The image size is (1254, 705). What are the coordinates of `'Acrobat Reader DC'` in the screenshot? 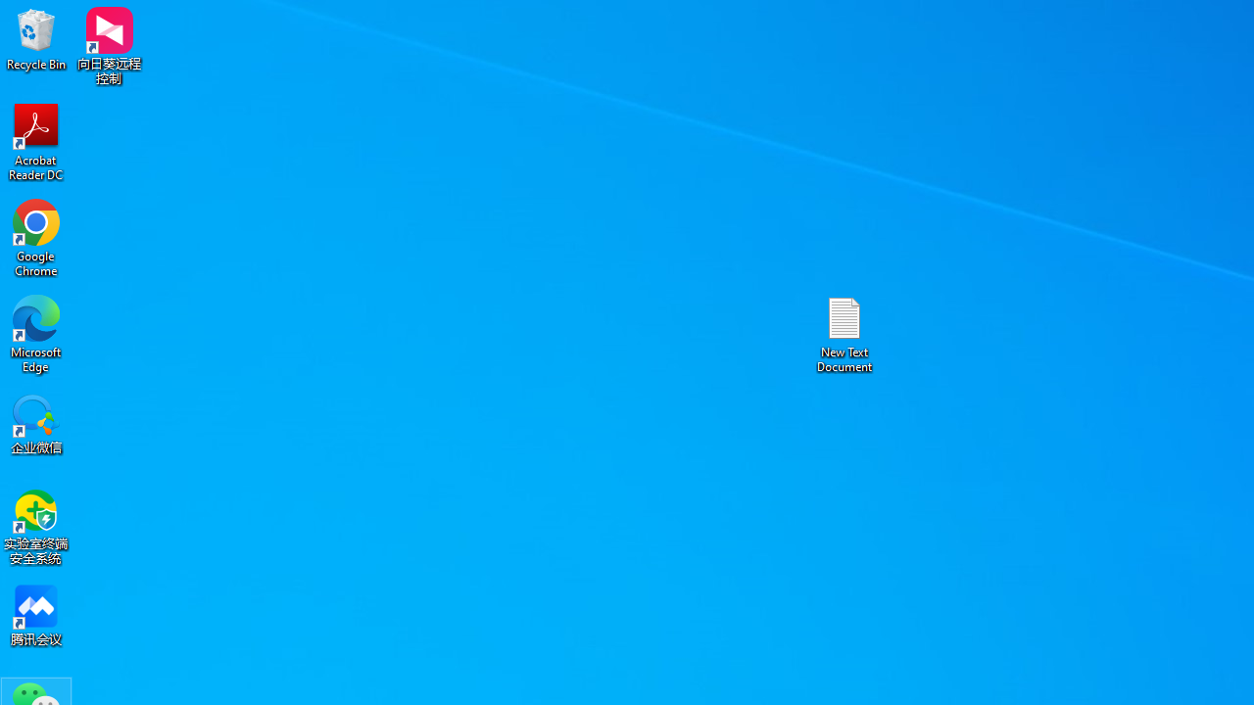 It's located at (36, 141).